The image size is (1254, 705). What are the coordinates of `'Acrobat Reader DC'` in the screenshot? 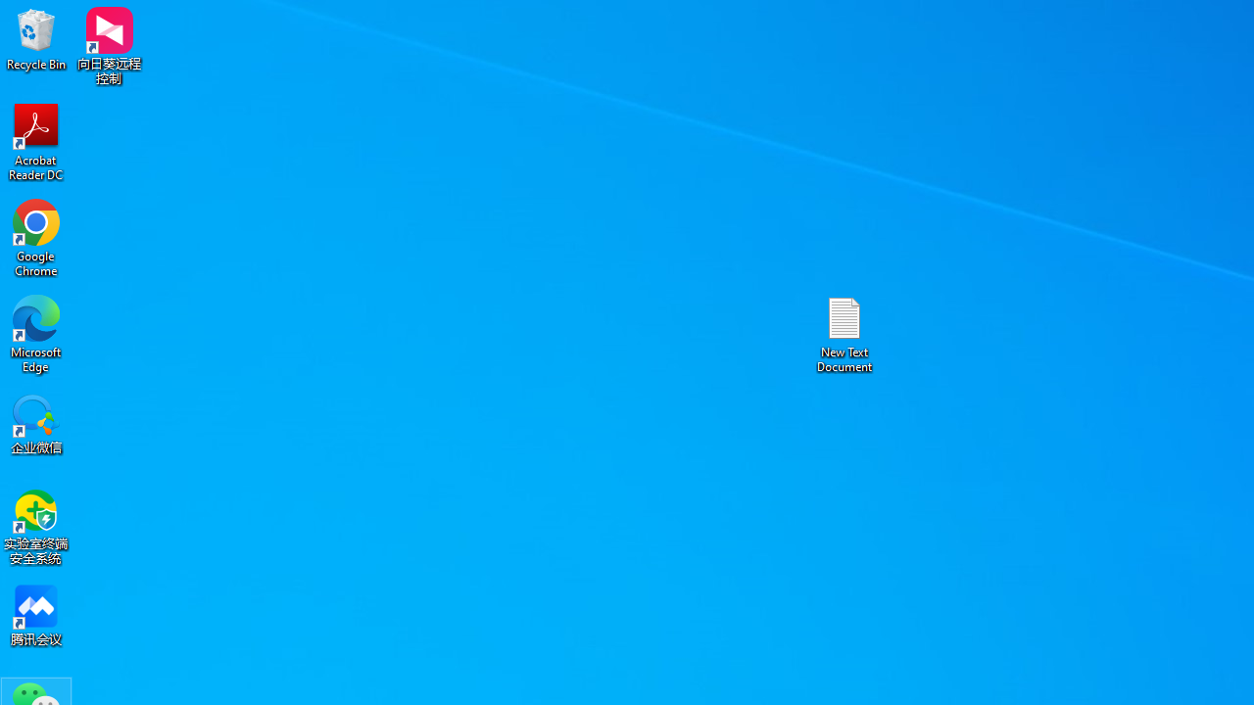 It's located at (36, 141).